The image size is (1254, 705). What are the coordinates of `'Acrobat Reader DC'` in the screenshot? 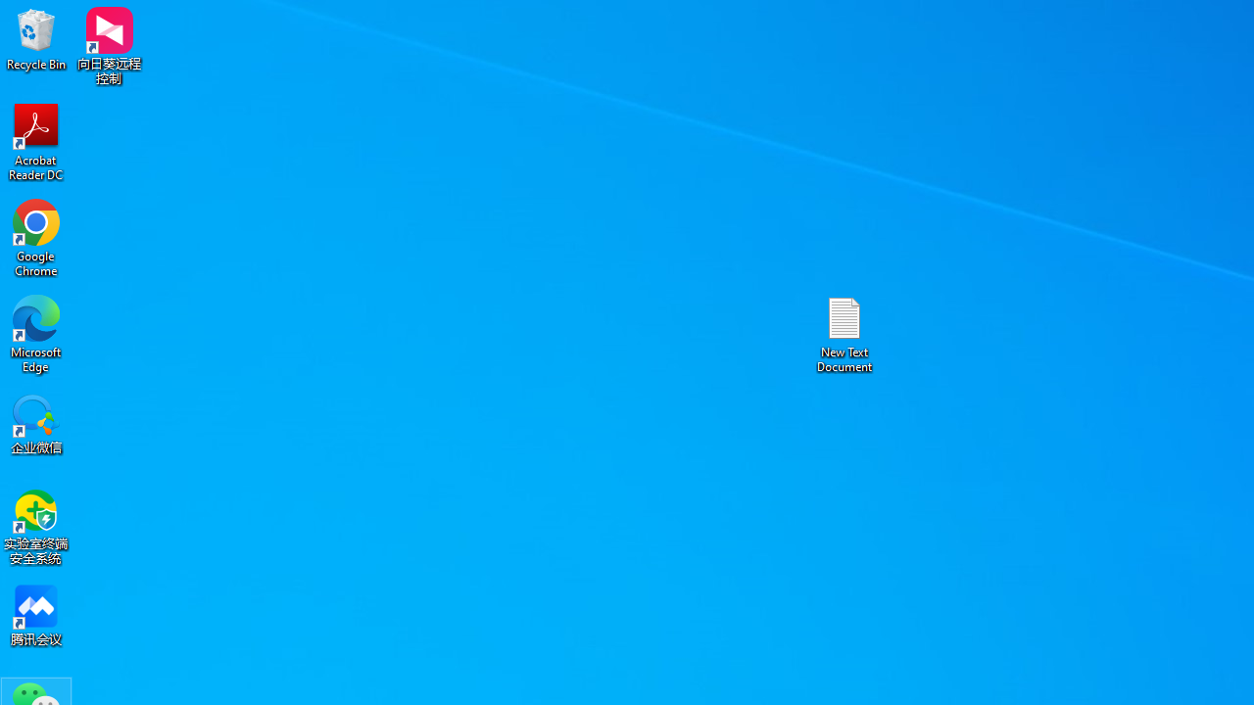 It's located at (36, 141).